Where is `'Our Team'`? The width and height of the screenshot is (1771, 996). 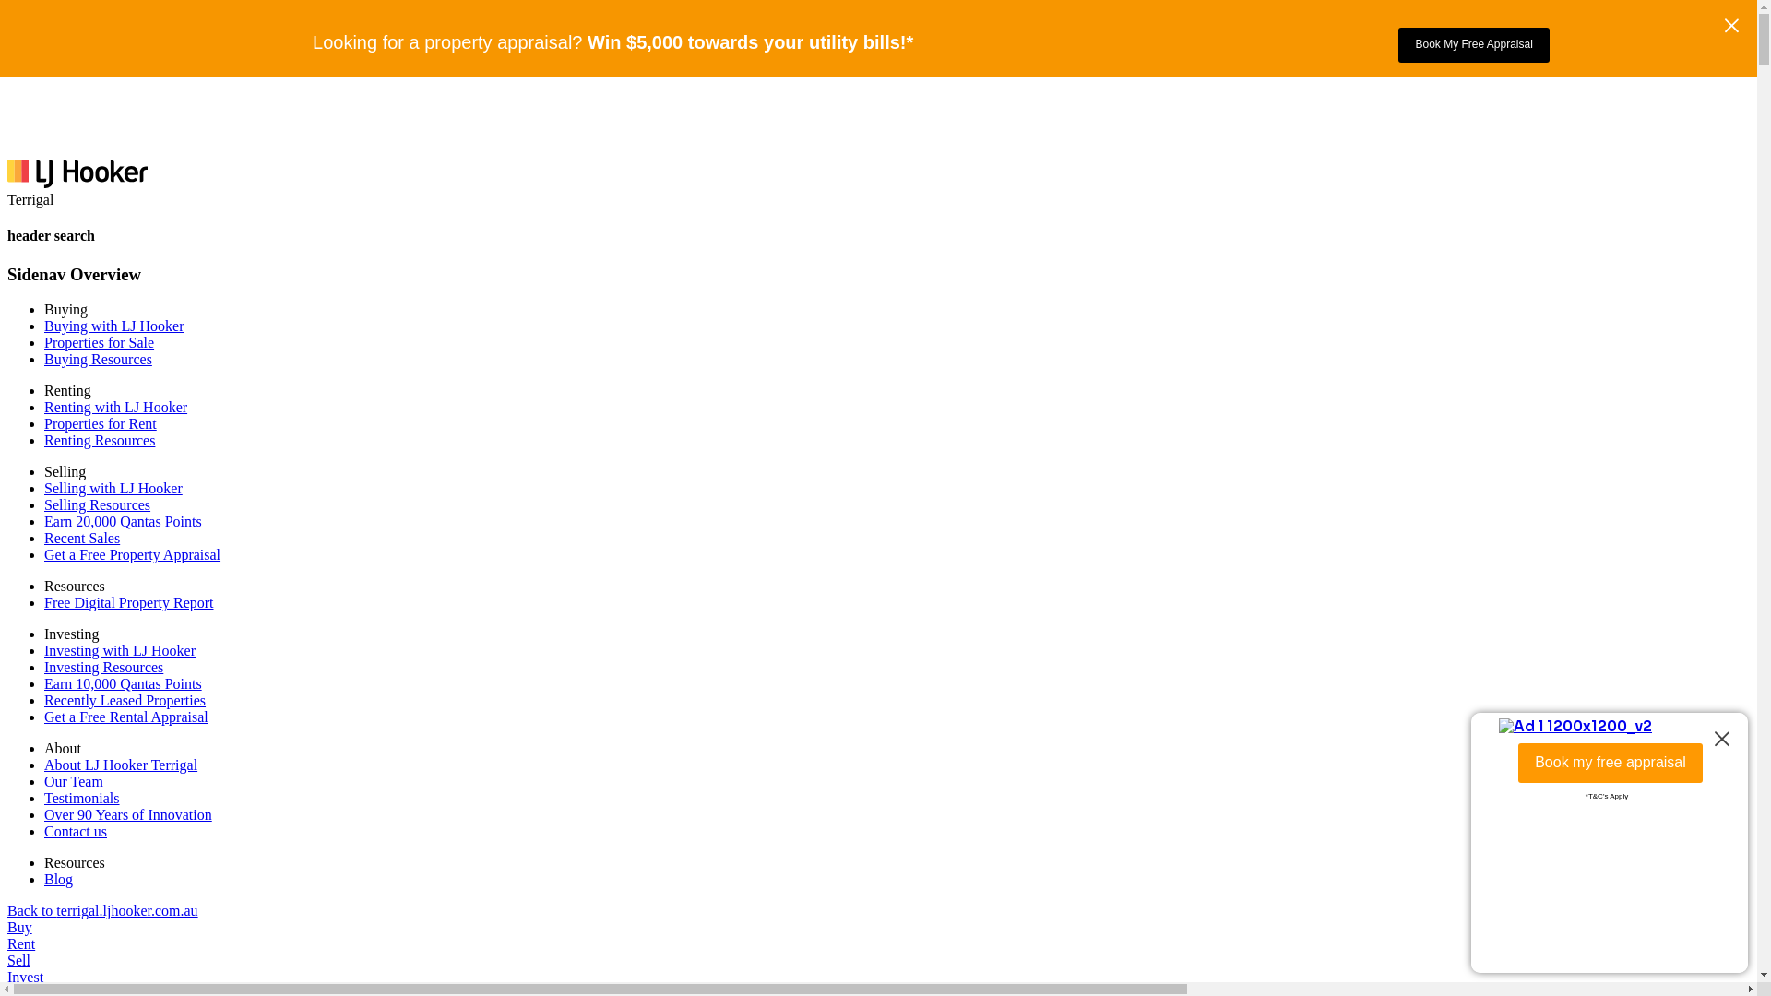 'Our Team' is located at coordinates (44, 781).